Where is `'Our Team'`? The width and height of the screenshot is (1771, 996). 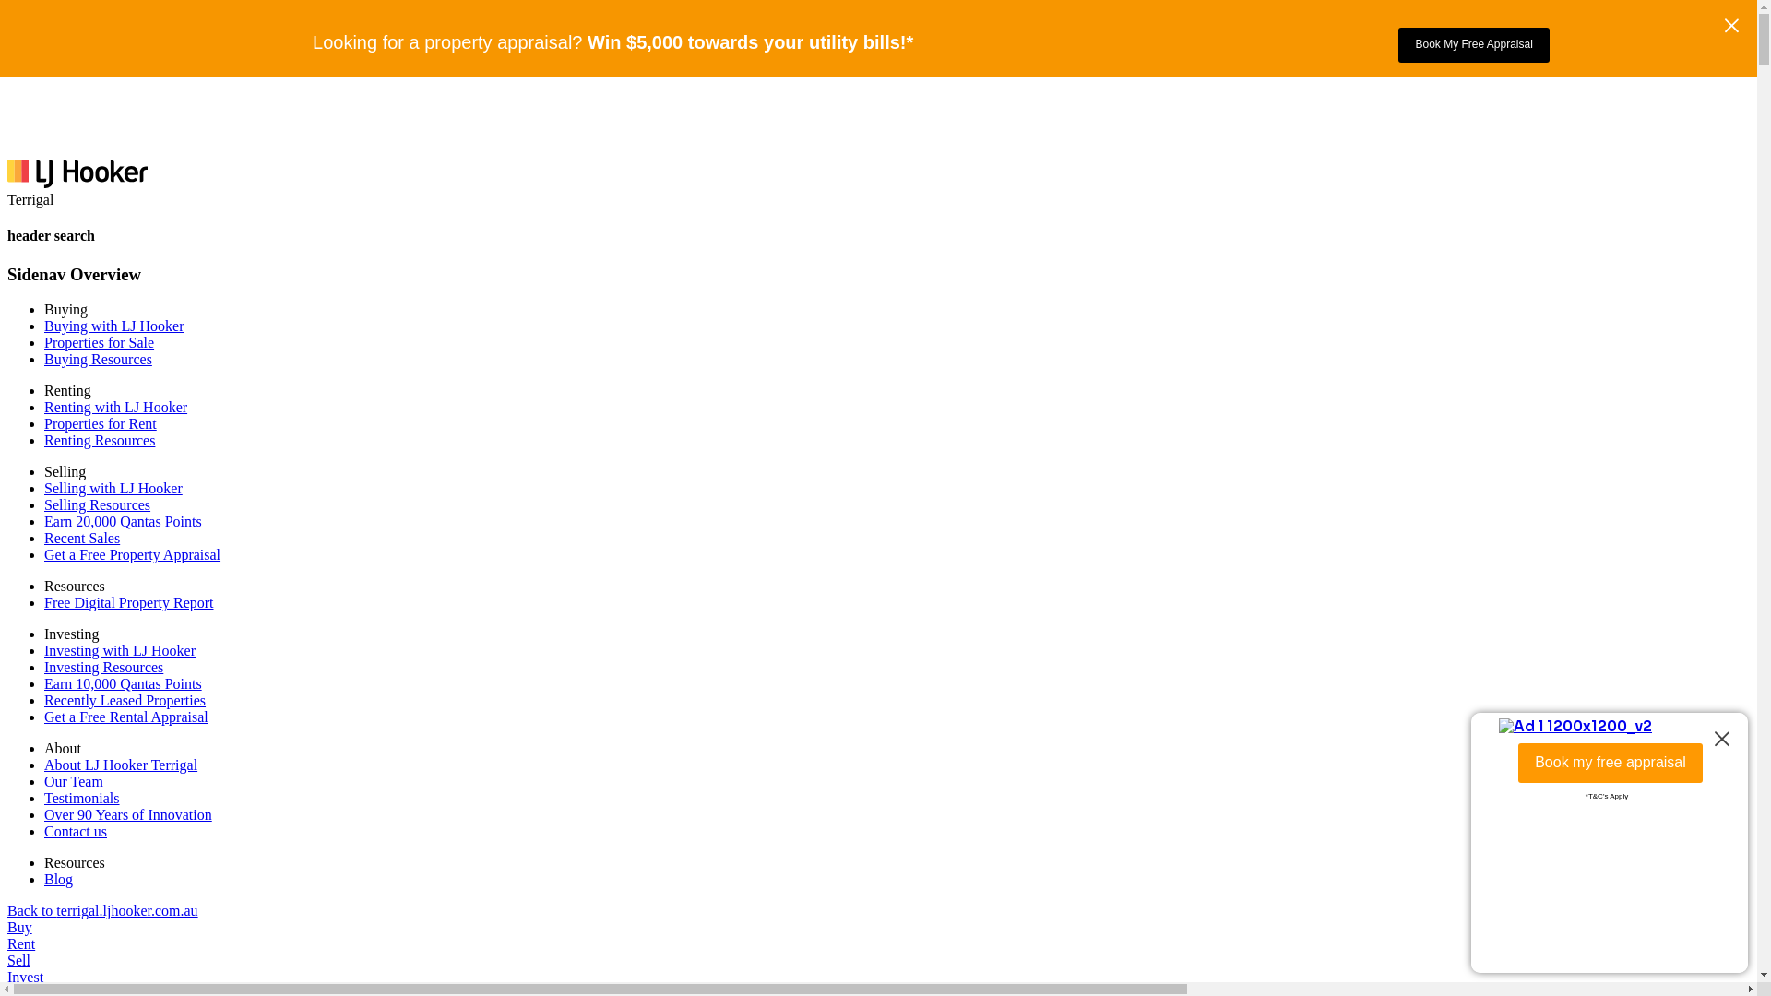 'Our Team' is located at coordinates (44, 781).